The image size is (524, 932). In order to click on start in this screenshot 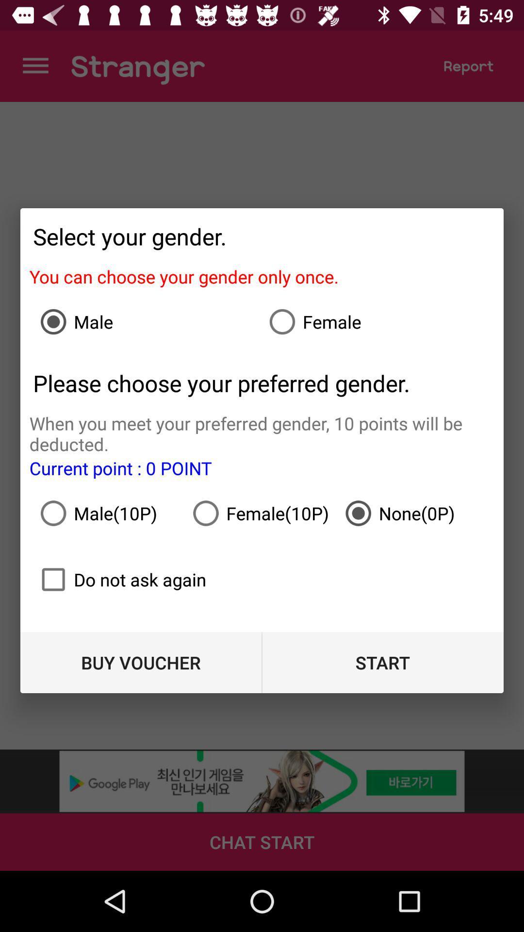, I will do `click(382, 662)`.